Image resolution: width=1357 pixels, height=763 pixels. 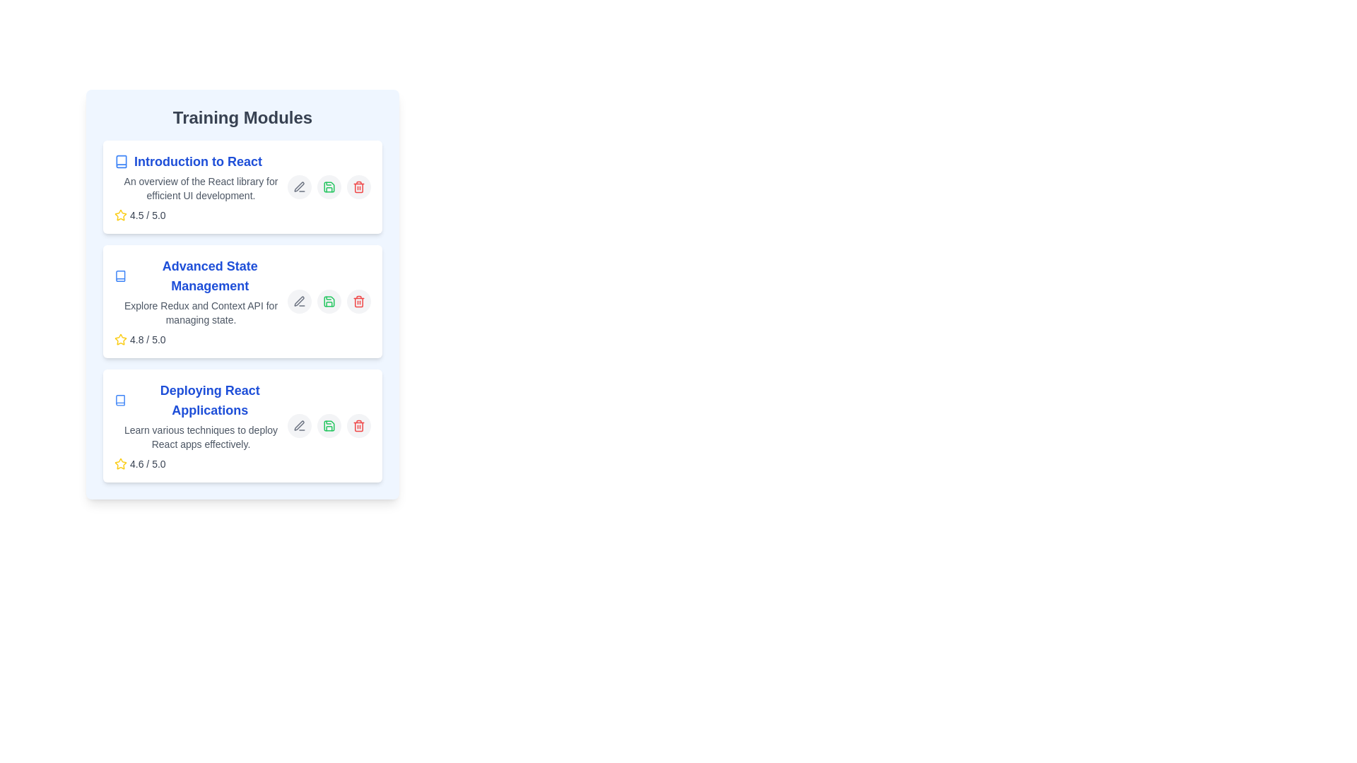 I want to click on the small blue book icon located to the left of the text 'Introduction to React' in the first training module box within the 'Training Modules' section, so click(x=122, y=160).